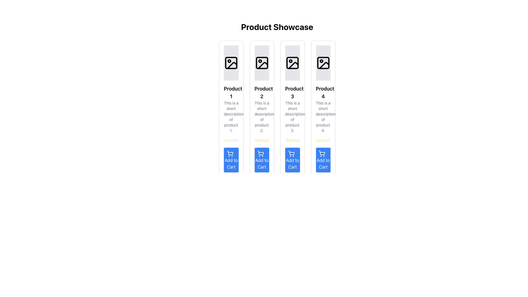 This screenshot has width=528, height=297. I want to click on the sixth star icon in the rating system located under the second product in the grid layout, so click(265, 140).